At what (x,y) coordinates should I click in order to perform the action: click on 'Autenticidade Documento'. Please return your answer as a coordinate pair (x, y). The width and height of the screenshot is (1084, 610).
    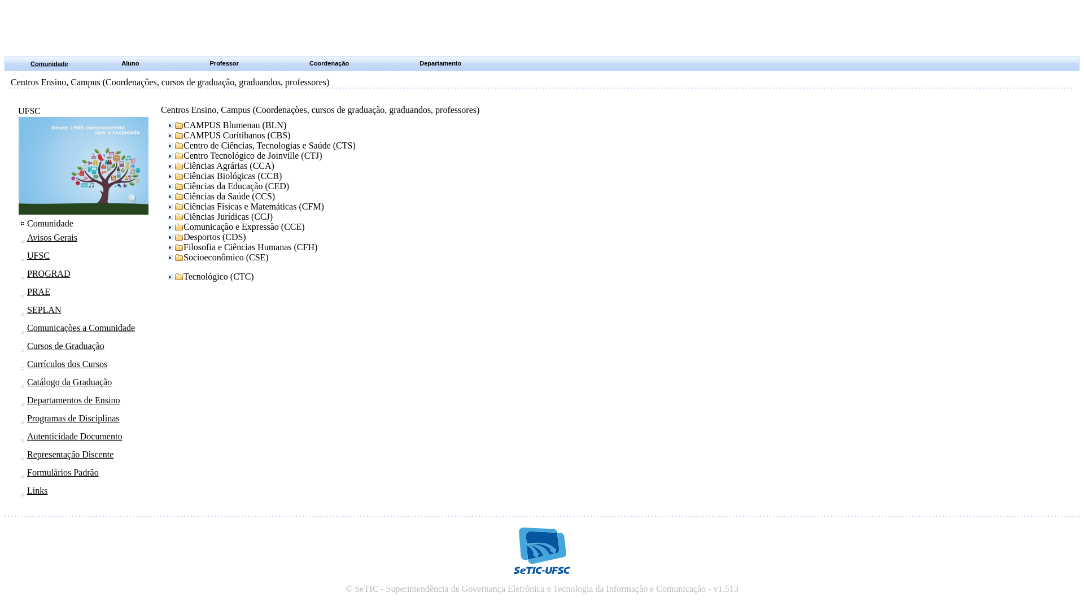
    Looking at the image, I should click on (27, 435).